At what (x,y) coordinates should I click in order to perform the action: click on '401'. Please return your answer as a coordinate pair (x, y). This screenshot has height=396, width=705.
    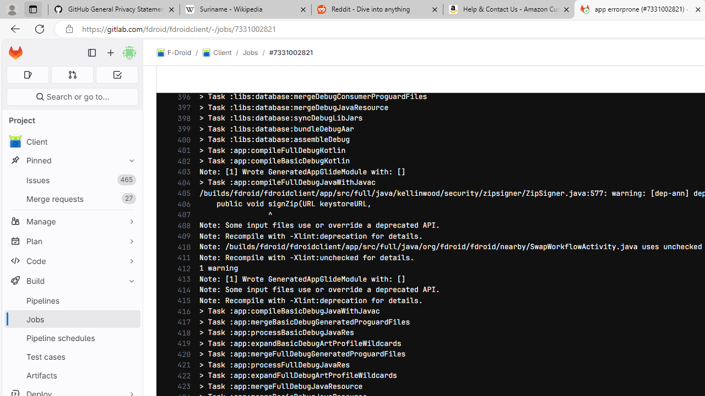
    Looking at the image, I should click on (181, 150).